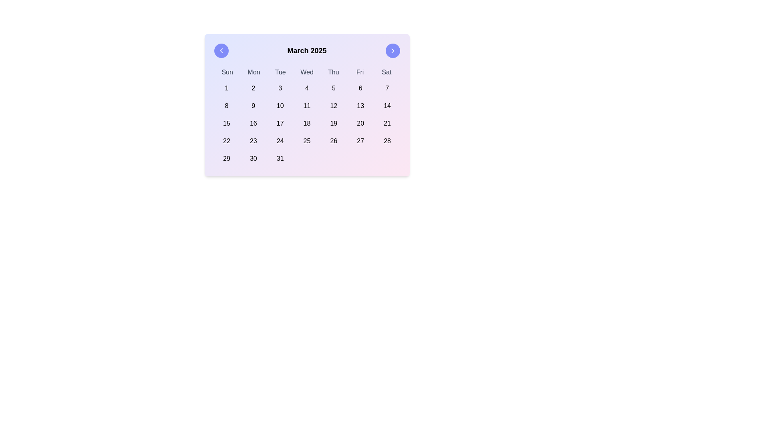 The width and height of the screenshot is (769, 432). Describe the element at coordinates (280, 106) in the screenshot. I see `the square button with a purple gradient background and the number '10' written in black` at that location.